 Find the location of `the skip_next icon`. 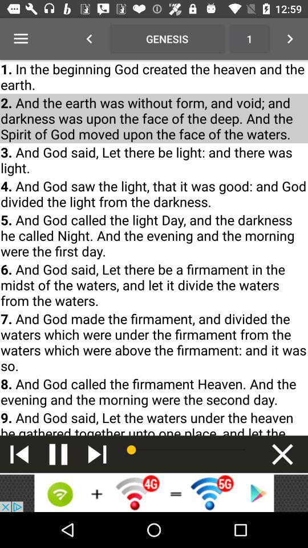

the skip_next icon is located at coordinates (97, 454).